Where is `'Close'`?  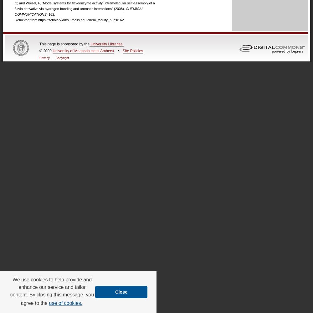
'Close' is located at coordinates (121, 292).